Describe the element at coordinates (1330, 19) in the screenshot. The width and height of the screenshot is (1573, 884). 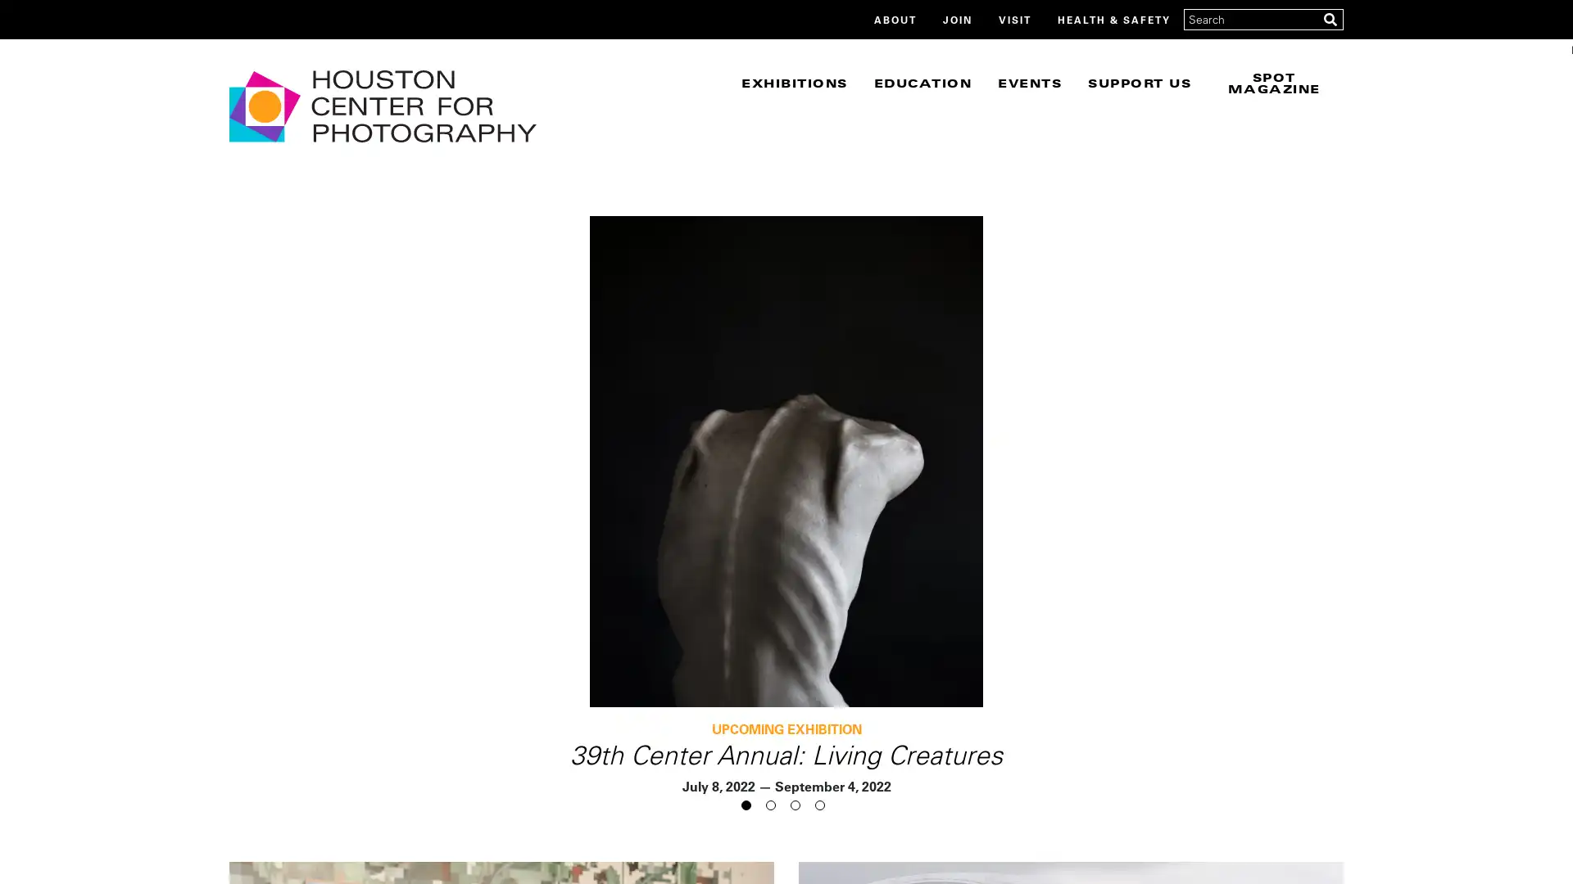
I see `Search` at that location.